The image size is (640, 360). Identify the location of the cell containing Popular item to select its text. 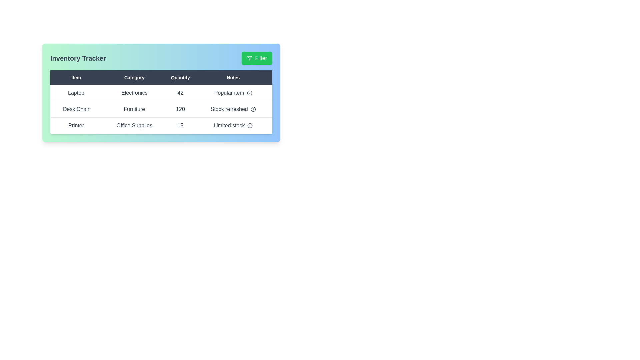
(233, 93).